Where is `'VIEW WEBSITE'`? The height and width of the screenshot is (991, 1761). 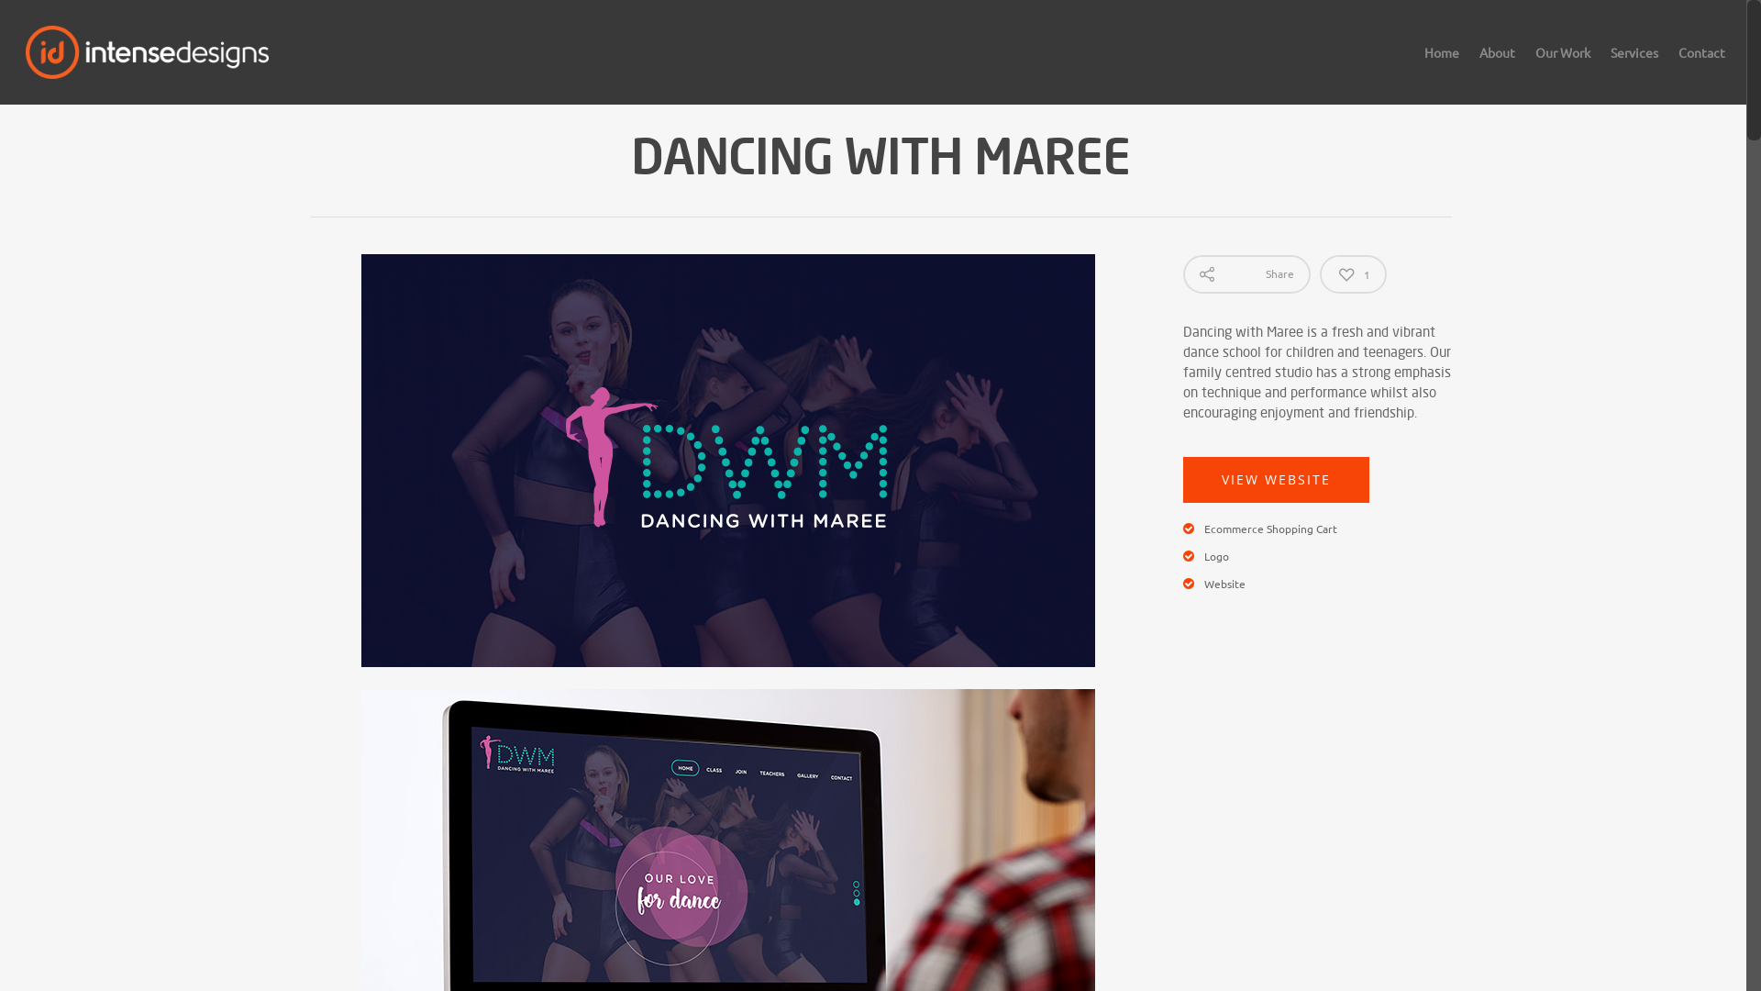 'VIEW WEBSITE' is located at coordinates (1275, 479).